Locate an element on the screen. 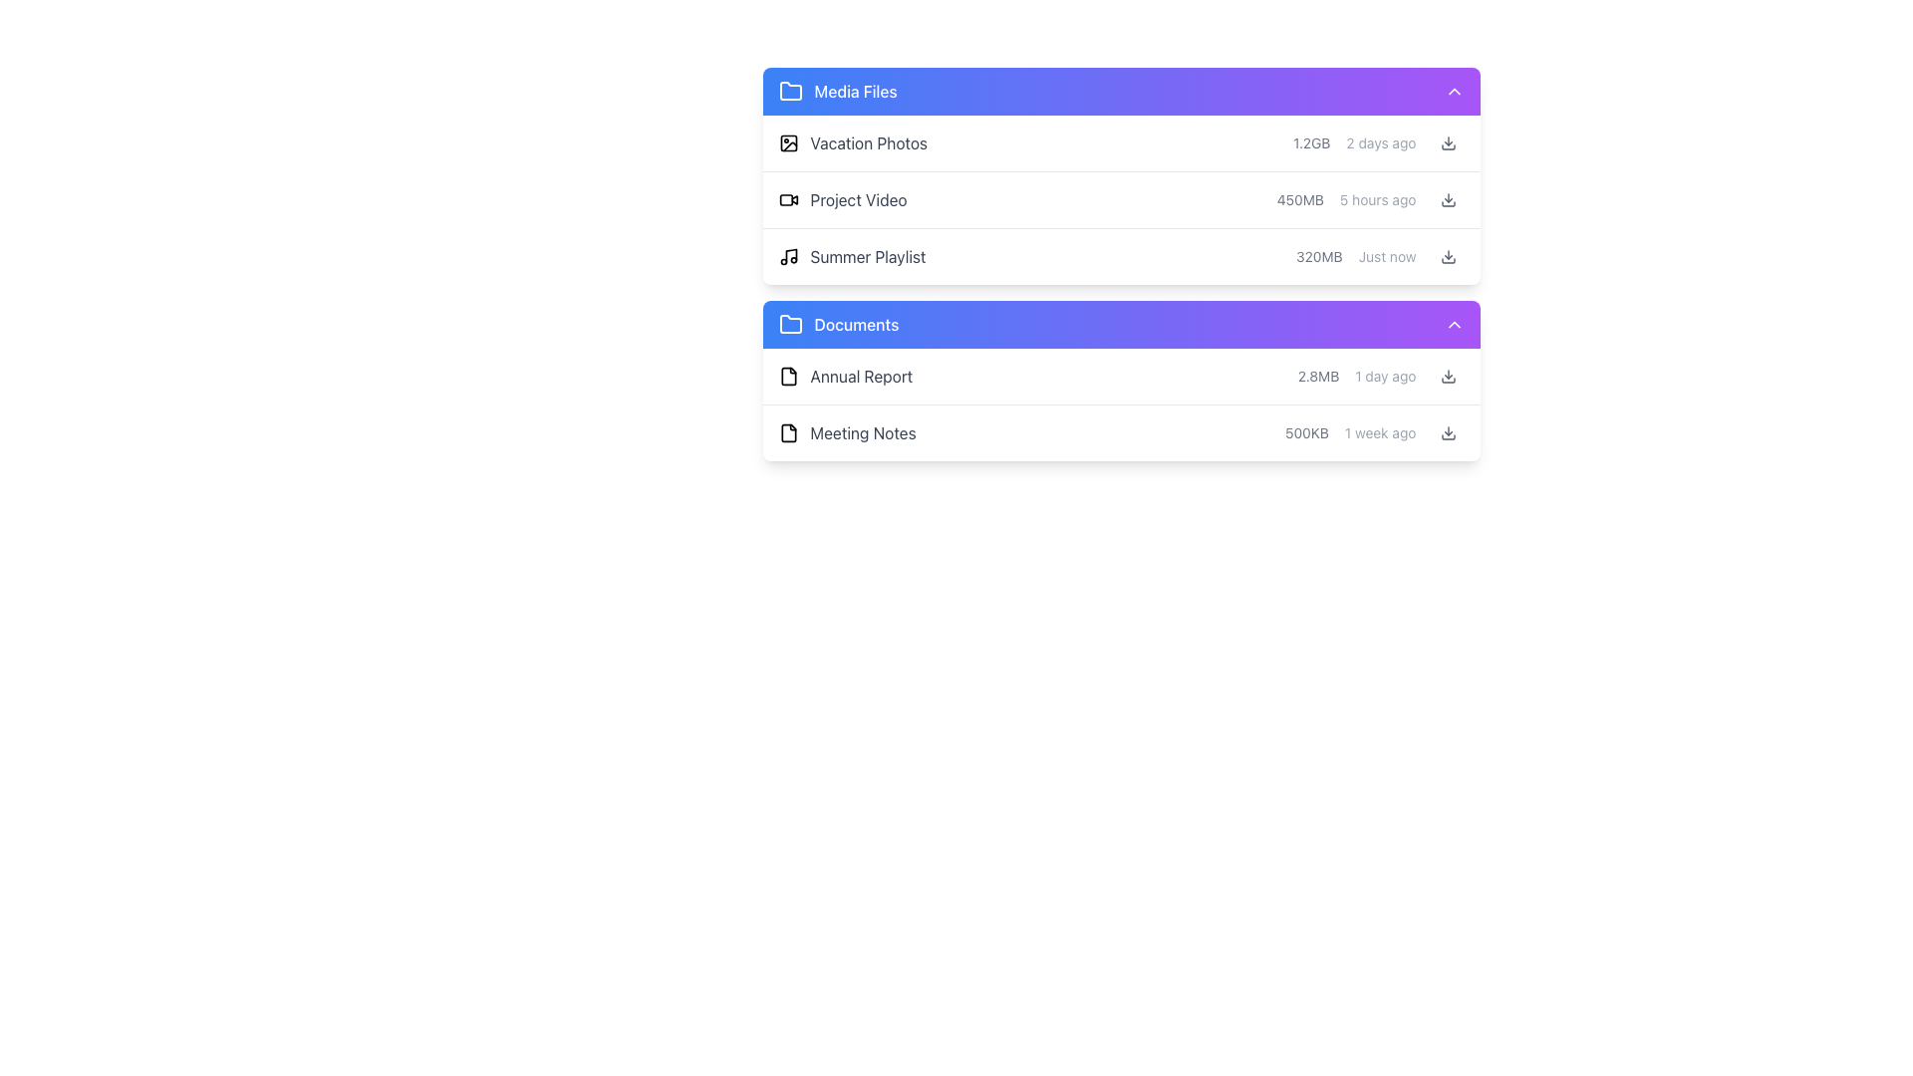 This screenshot has height=1076, width=1913. the 'Summer Playlist' icon located to the left of the text is located at coordinates (787, 256).